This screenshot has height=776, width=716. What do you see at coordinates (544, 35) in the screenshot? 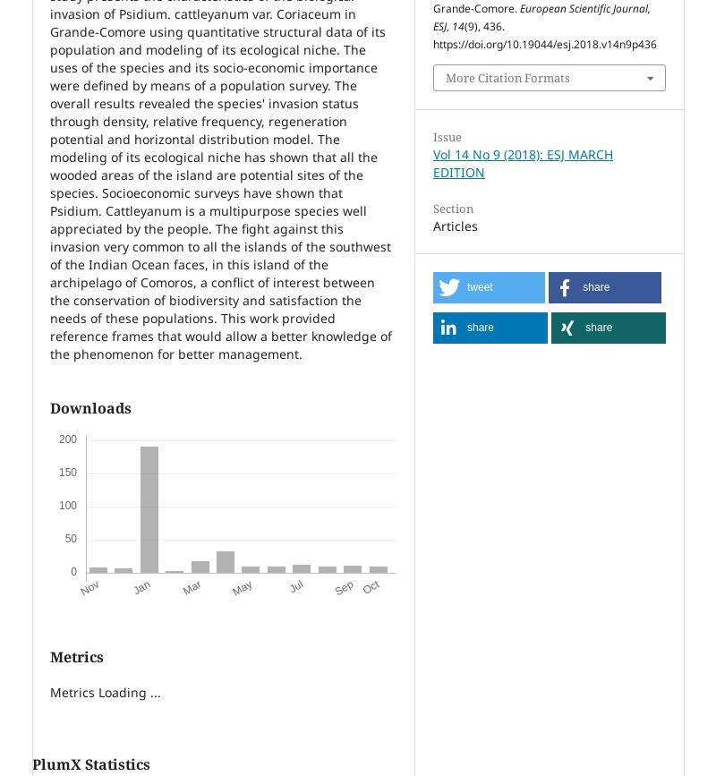
I see `'(9), 436. https://doi.org/10.19044/esj.2018.v14n9p436'` at bounding box center [544, 35].